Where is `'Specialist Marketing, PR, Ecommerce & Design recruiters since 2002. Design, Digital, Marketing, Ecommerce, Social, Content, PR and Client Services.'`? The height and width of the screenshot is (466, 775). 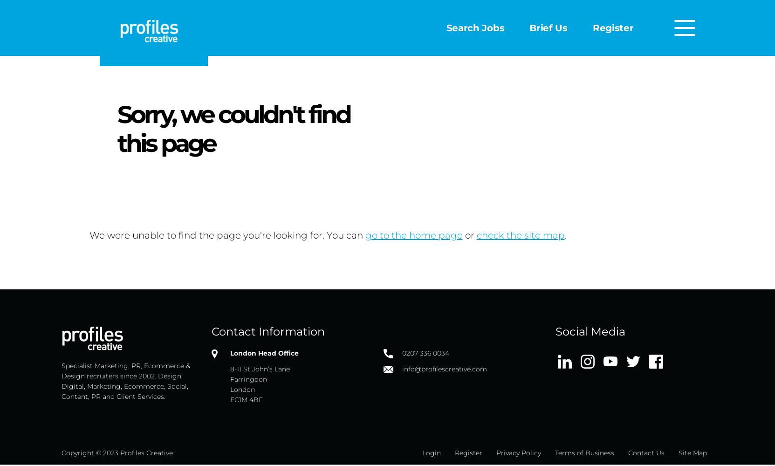
'Specialist Marketing, PR, Ecommerce & Design recruiters since 2002. Design, Digital, Marketing, Ecommerce, Social, Content, PR and Client Services.' is located at coordinates (125, 381).